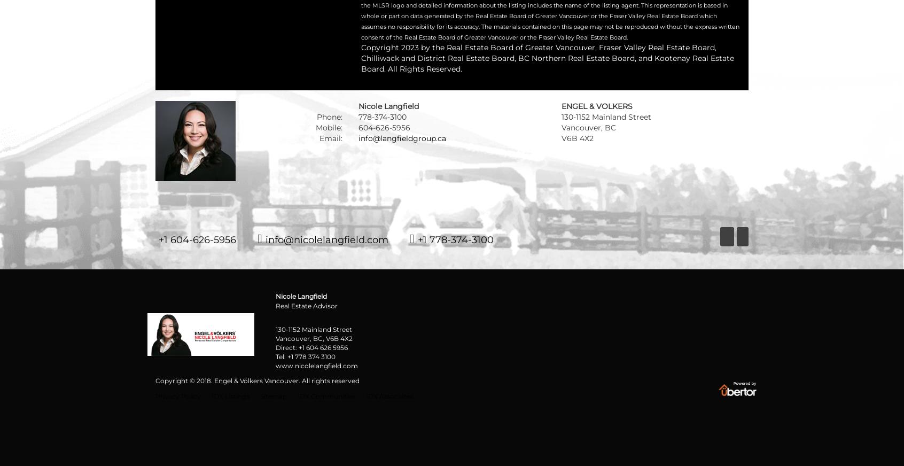 Image resolution: width=904 pixels, height=466 pixels. I want to click on 'Mobile:', so click(329, 127).